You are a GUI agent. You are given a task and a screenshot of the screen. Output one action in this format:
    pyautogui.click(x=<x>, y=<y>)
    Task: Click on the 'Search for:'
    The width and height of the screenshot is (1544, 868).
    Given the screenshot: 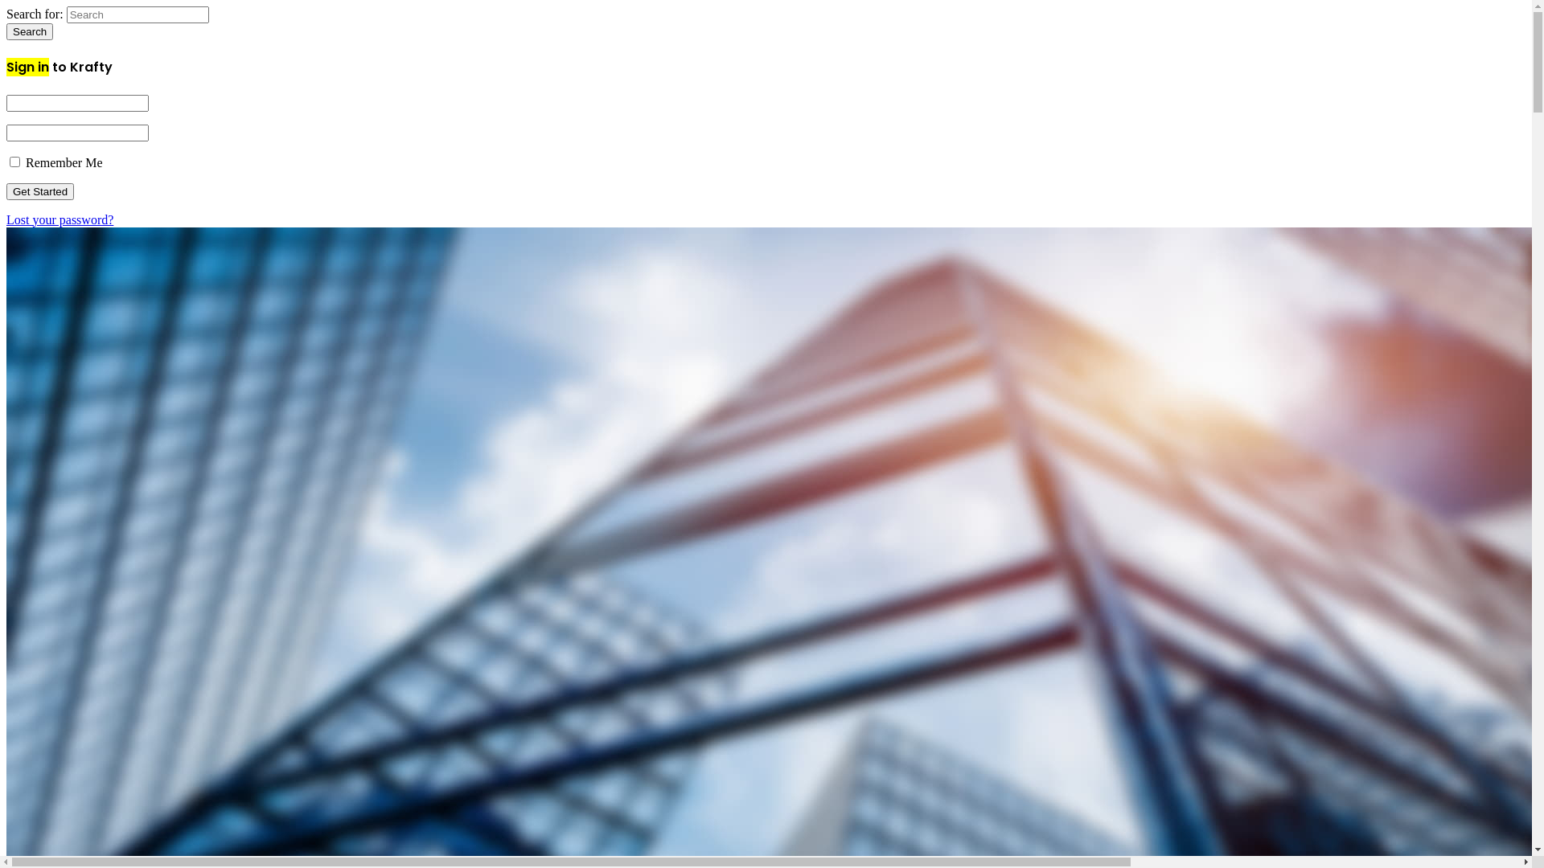 What is the action you would take?
    pyautogui.click(x=65, y=14)
    